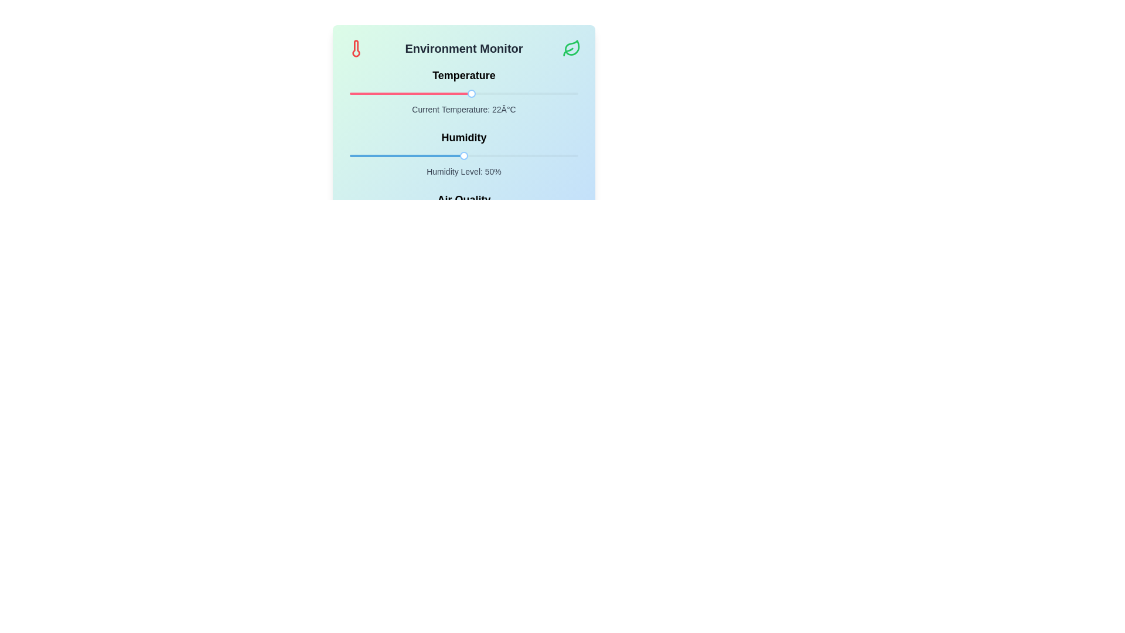 The width and height of the screenshot is (1125, 633). I want to click on the humidity, so click(480, 155).